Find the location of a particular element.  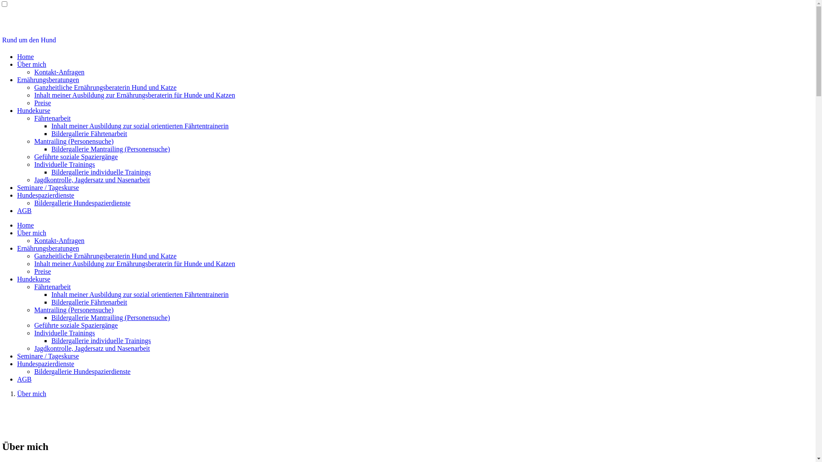

'Mantrailing (Personensuche)' is located at coordinates (74, 141).